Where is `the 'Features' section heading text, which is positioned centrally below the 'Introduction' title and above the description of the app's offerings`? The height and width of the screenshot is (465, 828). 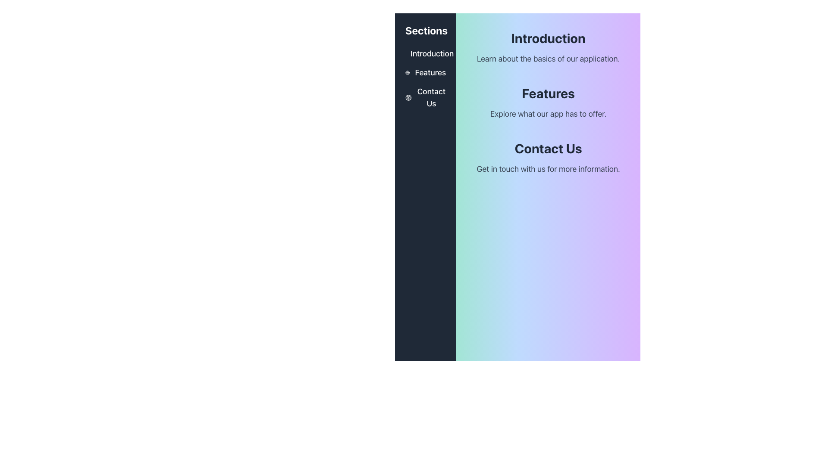 the 'Features' section heading text, which is positioned centrally below the 'Introduction' title and above the description of the app's offerings is located at coordinates (548, 93).